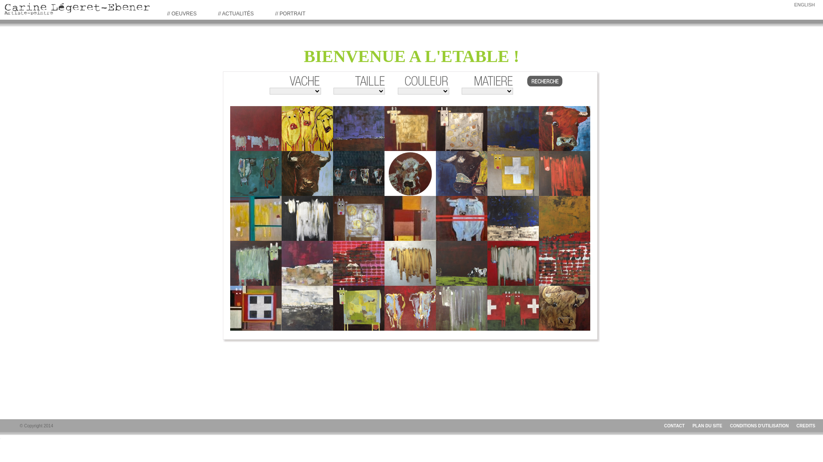 The width and height of the screenshot is (823, 462). What do you see at coordinates (707, 426) in the screenshot?
I see `'PLAN DU SITE'` at bounding box center [707, 426].